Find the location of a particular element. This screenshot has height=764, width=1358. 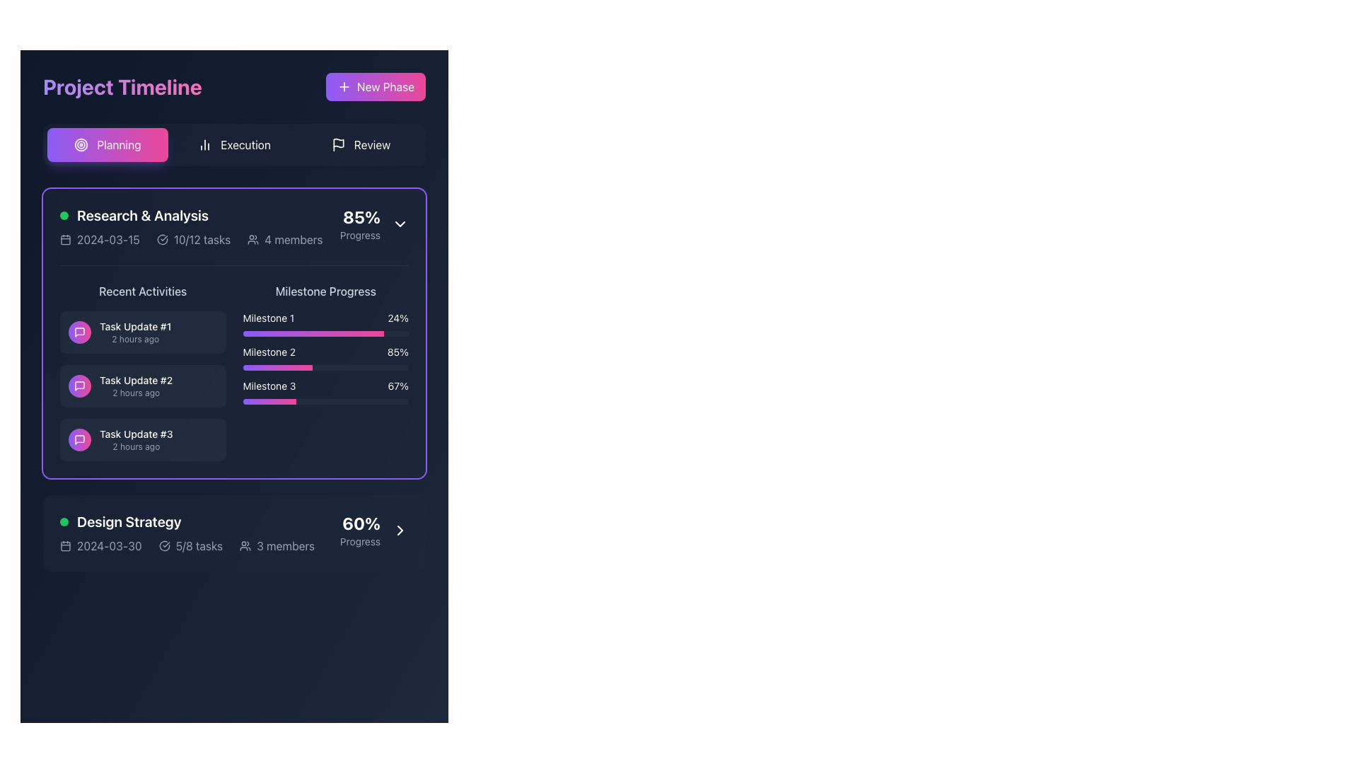

the 'New Phase' text label within the button that allows users to create a new phase in a project timeline is located at coordinates (385, 87).